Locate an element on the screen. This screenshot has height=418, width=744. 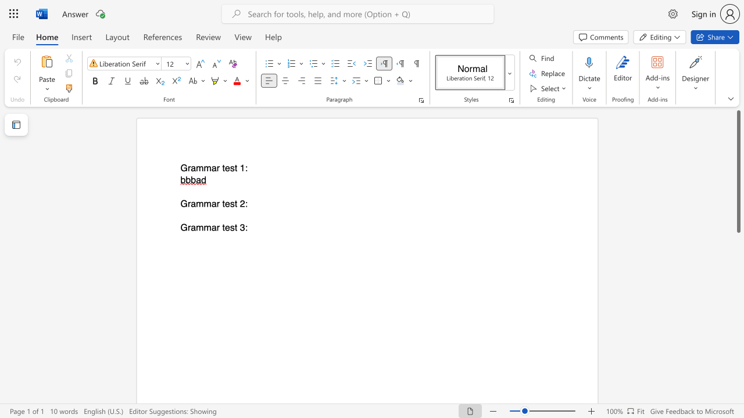
the vertical scrollbar to lower the page content is located at coordinates (738, 261).